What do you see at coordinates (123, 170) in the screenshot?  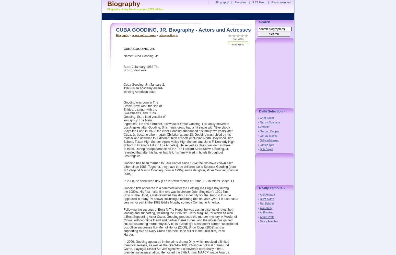 I see `'in 1994)and Mason Gooding (born in 1996), and a daughter, Piper Gooding (born in'` at bounding box center [123, 170].